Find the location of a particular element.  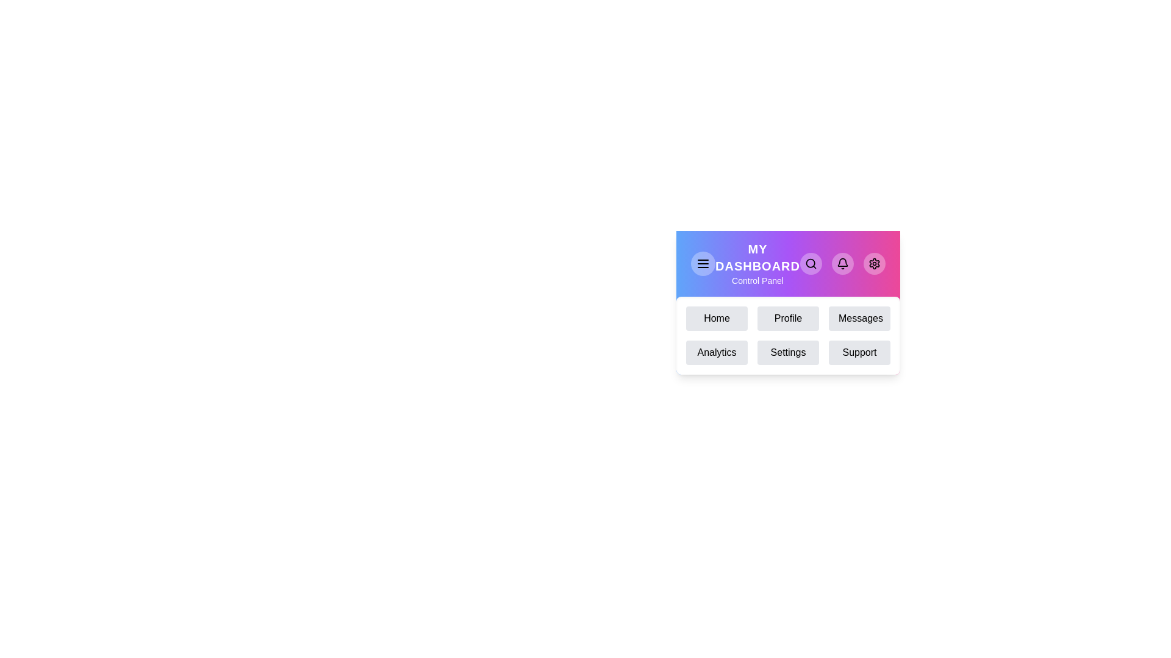

the menu item Support to navigate to the corresponding section is located at coordinates (859, 352).